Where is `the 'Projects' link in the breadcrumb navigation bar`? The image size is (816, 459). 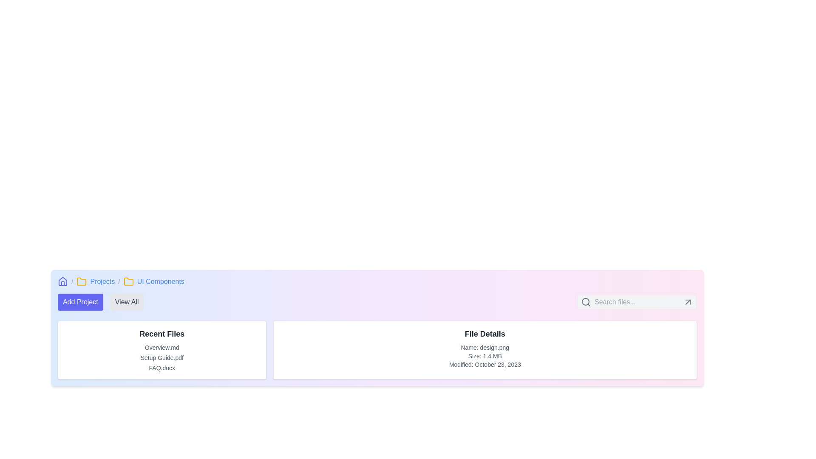 the 'Projects' link in the breadcrumb navigation bar is located at coordinates (102, 282).